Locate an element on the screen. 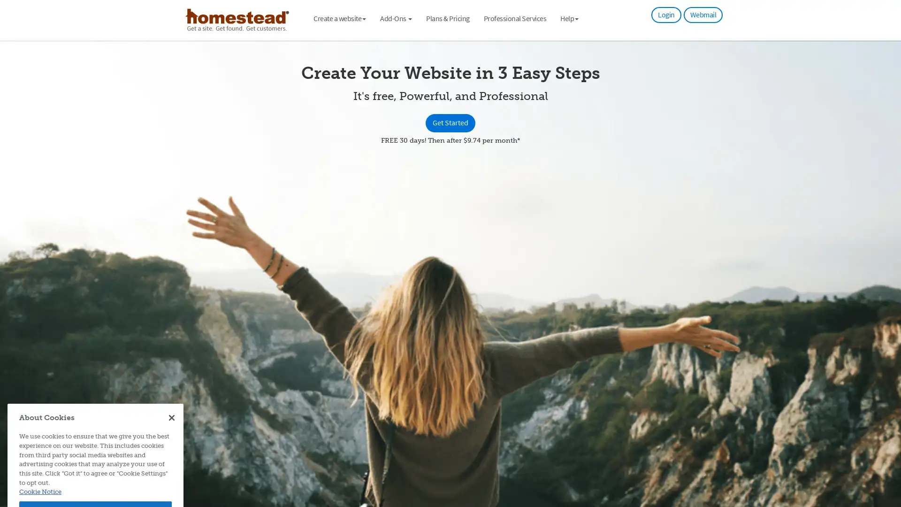 The height and width of the screenshot is (507, 901). Explore your accessibility options is located at coordinates (885, 459).